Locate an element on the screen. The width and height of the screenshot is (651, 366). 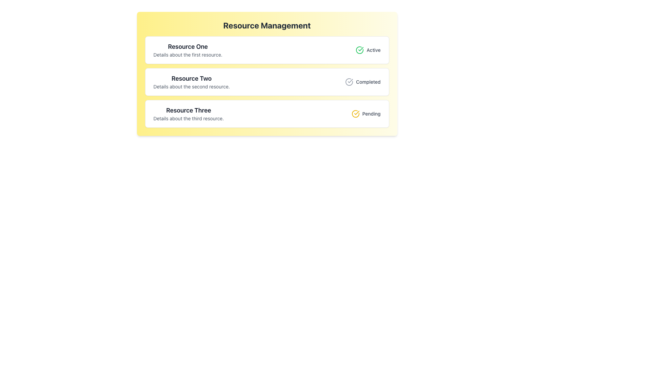
the text element that reads 'Details about the second resource.', which is styled in a smaller, lighter gray font and is positioned directly below the title 'Resource Two' is located at coordinates (191, 86).